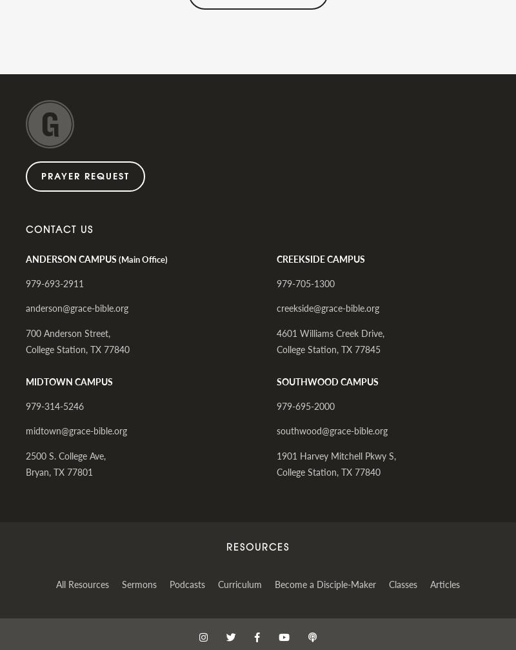 The width and height of the screenshot is (516, 650). What do you see at coordinates (65, 454) in the screenshot?
I see `'2500 S. College Ave,'` at bounding box center [65, 454].